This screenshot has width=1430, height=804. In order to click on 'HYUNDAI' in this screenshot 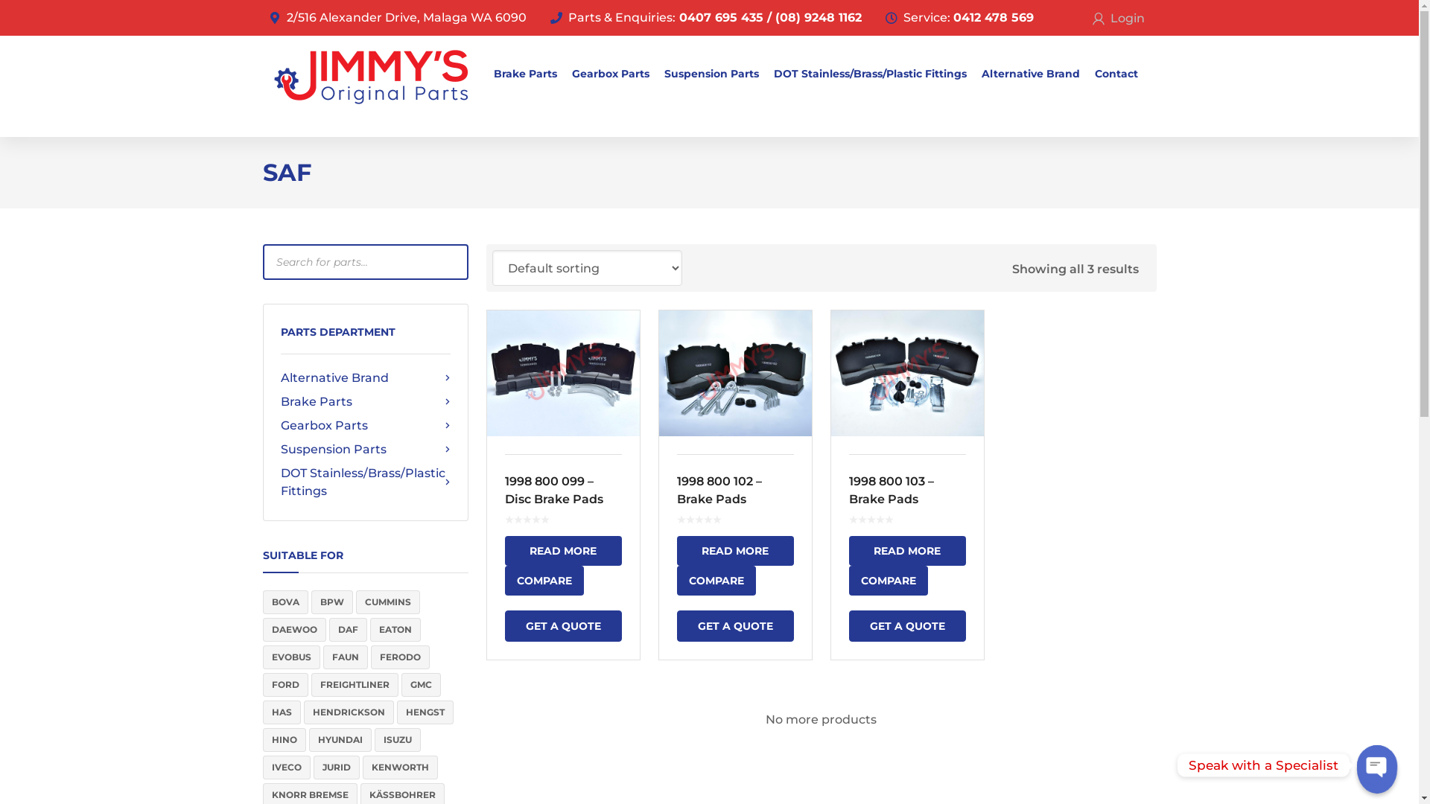, I will do `click(339, 740)`.